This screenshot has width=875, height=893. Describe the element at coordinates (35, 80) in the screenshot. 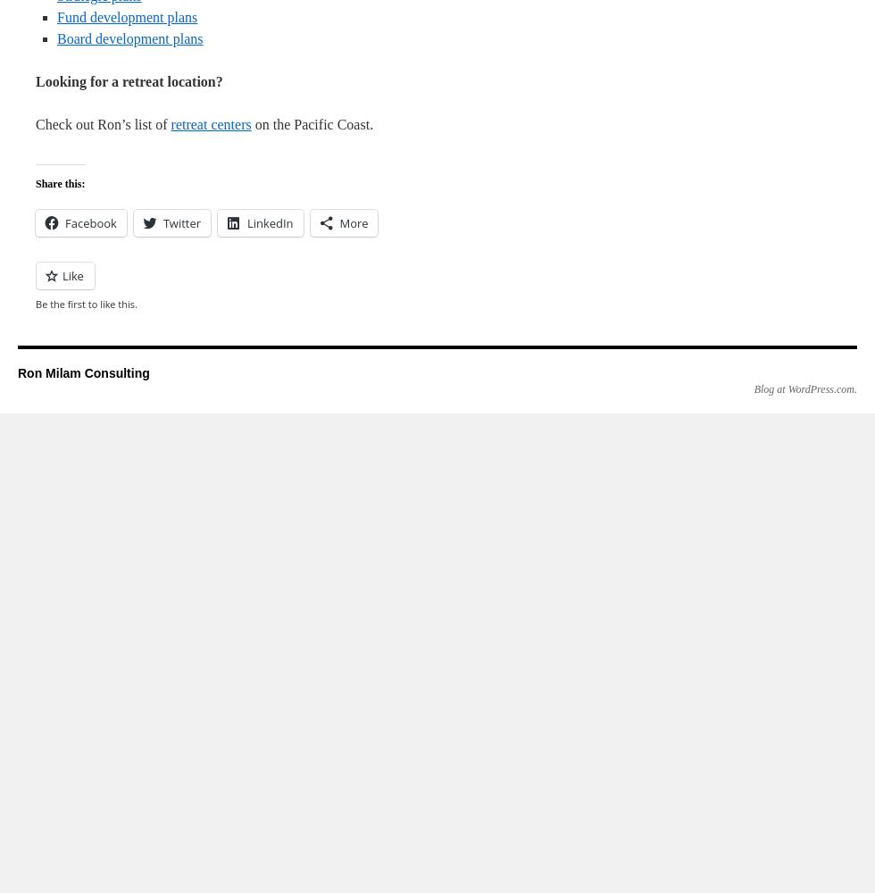

I see `'Looking for a retreat location'` at that location.